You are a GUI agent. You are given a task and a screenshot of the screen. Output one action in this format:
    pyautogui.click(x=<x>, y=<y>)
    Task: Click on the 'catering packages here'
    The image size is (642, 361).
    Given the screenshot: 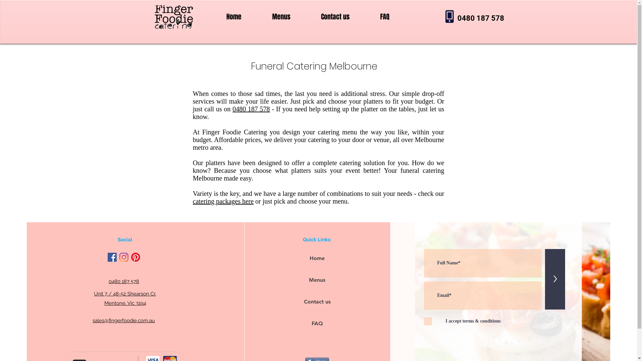 What is the action you would take?
    pyautogui.click(x=223, y=201)
    